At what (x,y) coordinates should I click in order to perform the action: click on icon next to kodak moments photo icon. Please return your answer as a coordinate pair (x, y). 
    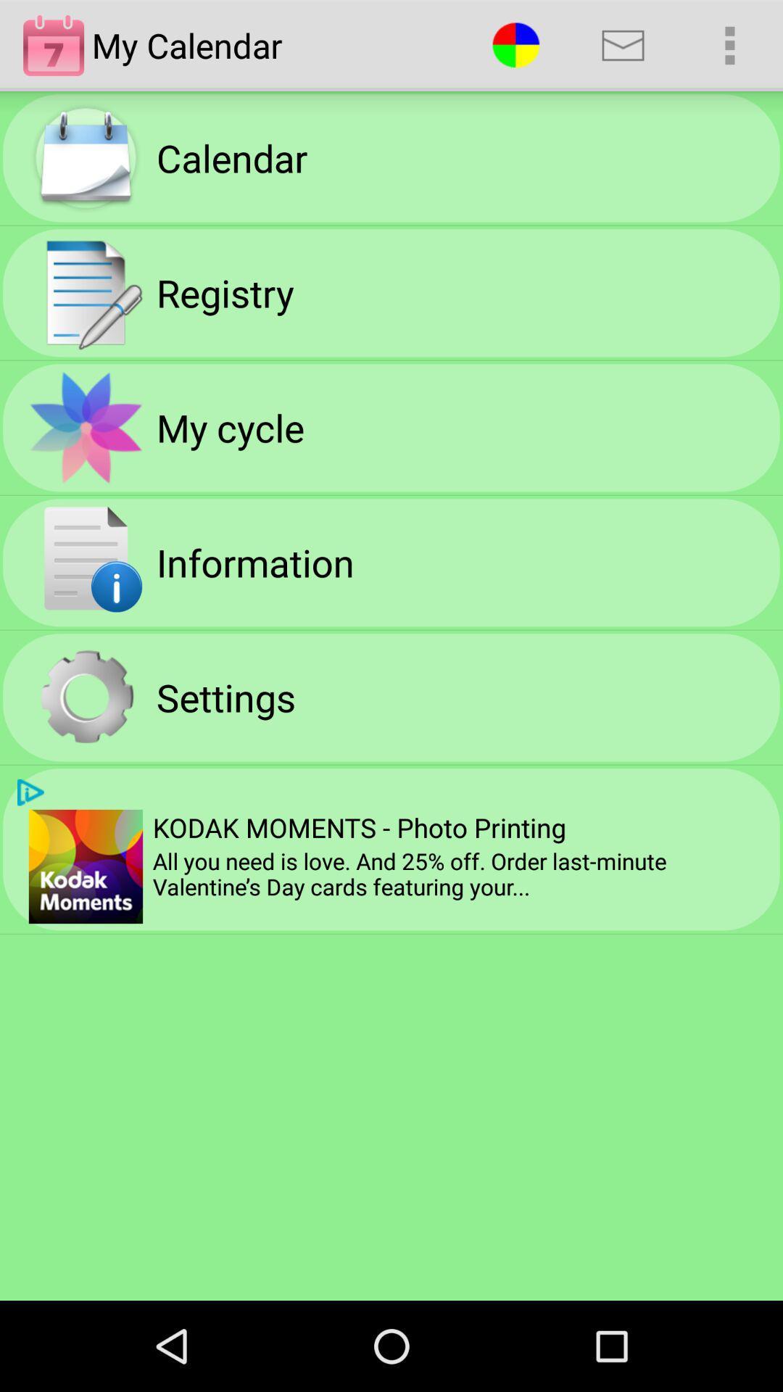
    Looking at the image, I should click on (86, 866).